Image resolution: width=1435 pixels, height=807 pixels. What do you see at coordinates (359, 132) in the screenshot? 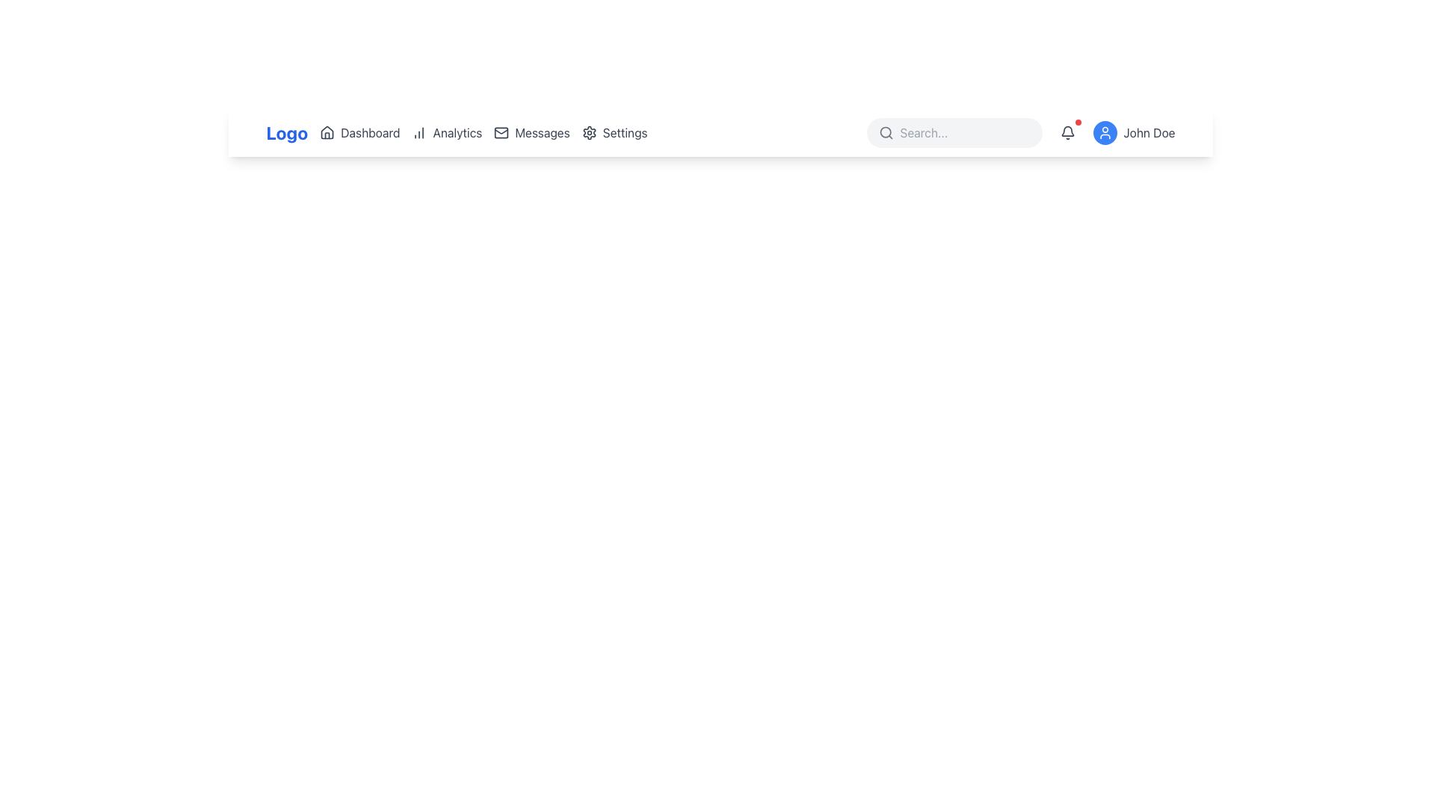
I see `the first navigation item in the top-center area of the interface, which navigates to the dashboard section of the application` at bounding box center [359, 132].